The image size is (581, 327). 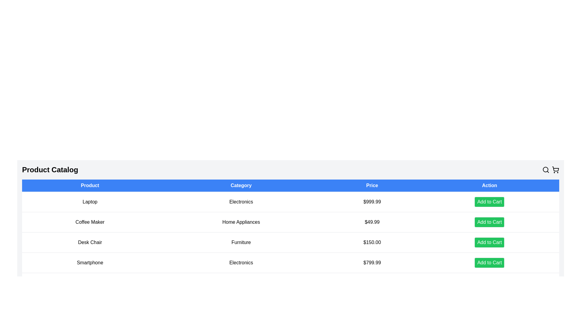 What do you see at coordinates (241, 202) in the screenshot?
I see `text displayed in the 'Electronics' text label, which is styled in a clean sans-serif typeface and is located in the second column of the table under the header row` at bounding box center [241, 202].